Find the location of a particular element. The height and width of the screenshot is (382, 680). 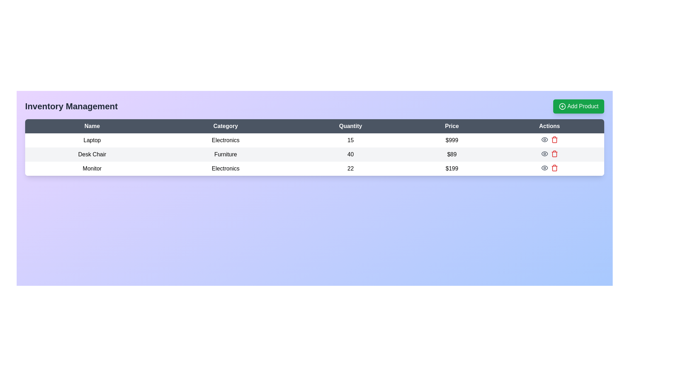

the trash can icon in the 'Actions' column, specifically the third icon down associated with the 'Monitor' row is located at coordinates (554, 168).